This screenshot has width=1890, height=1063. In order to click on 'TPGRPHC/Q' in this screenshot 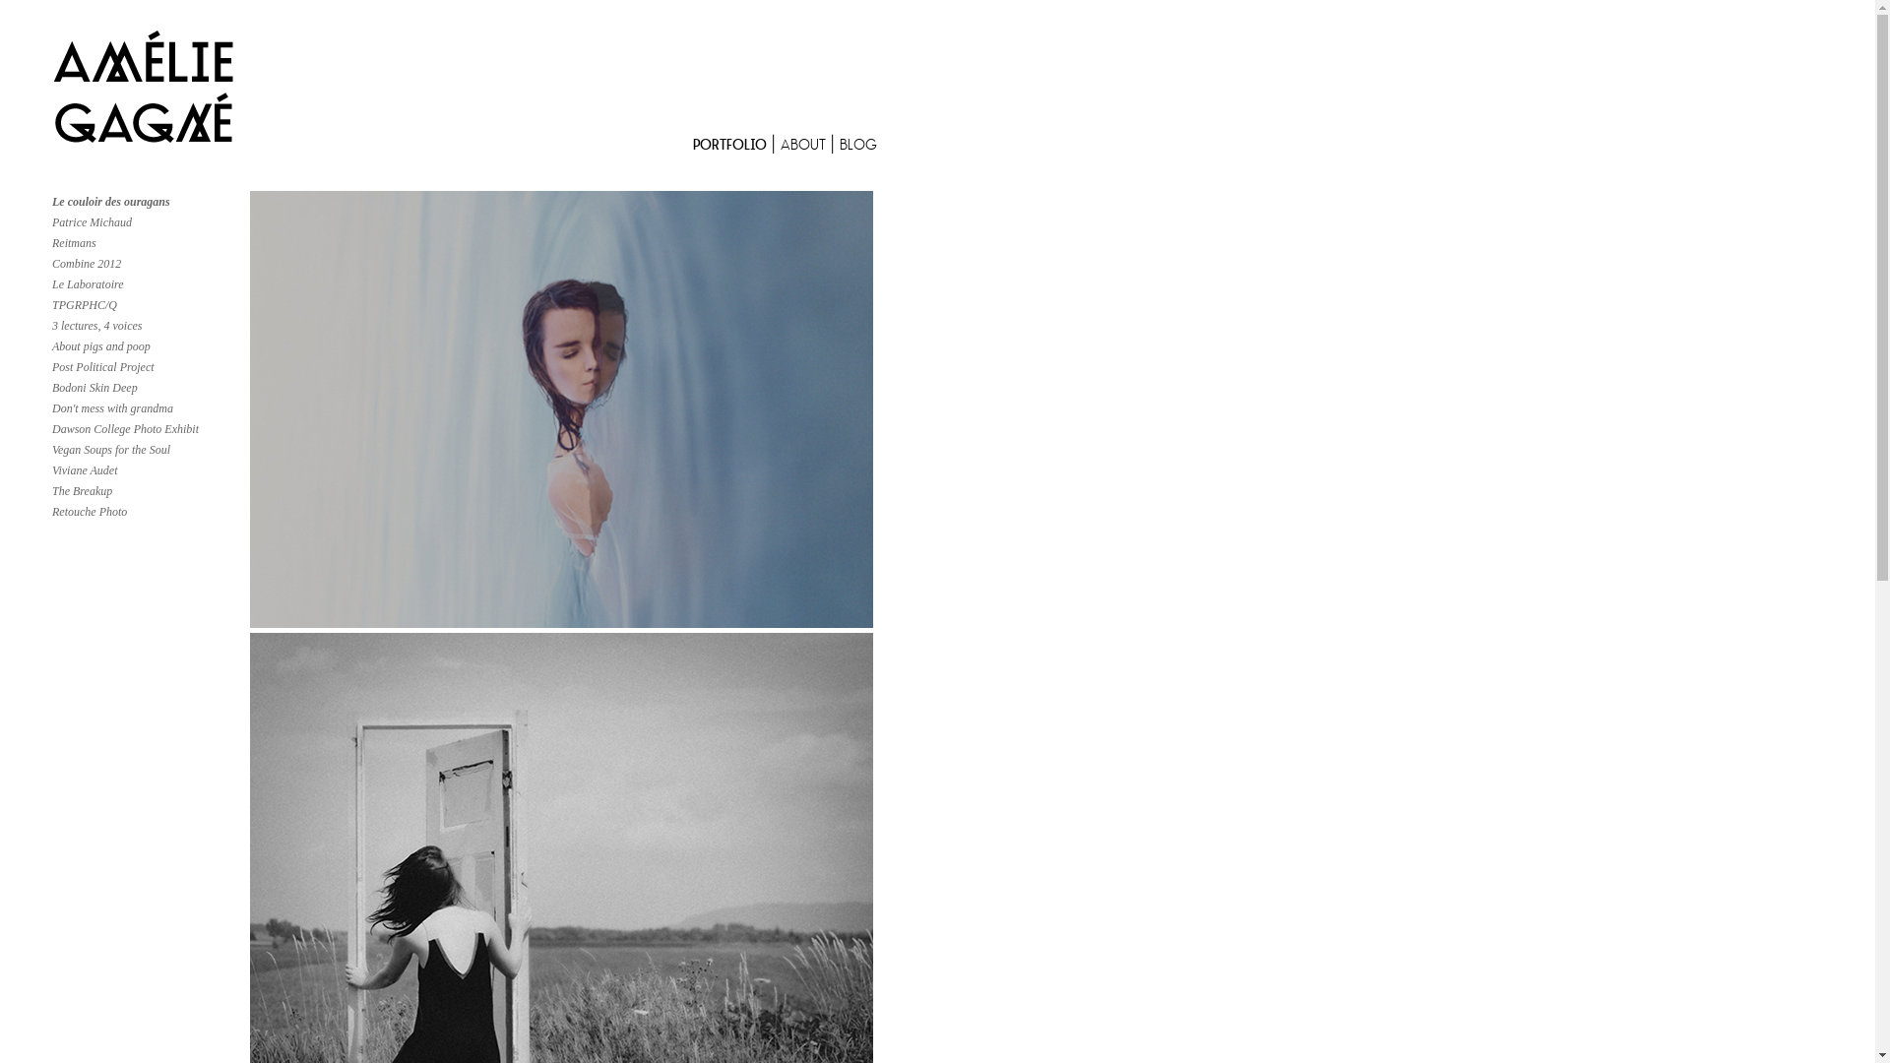, I will do `click(84, 304)`.